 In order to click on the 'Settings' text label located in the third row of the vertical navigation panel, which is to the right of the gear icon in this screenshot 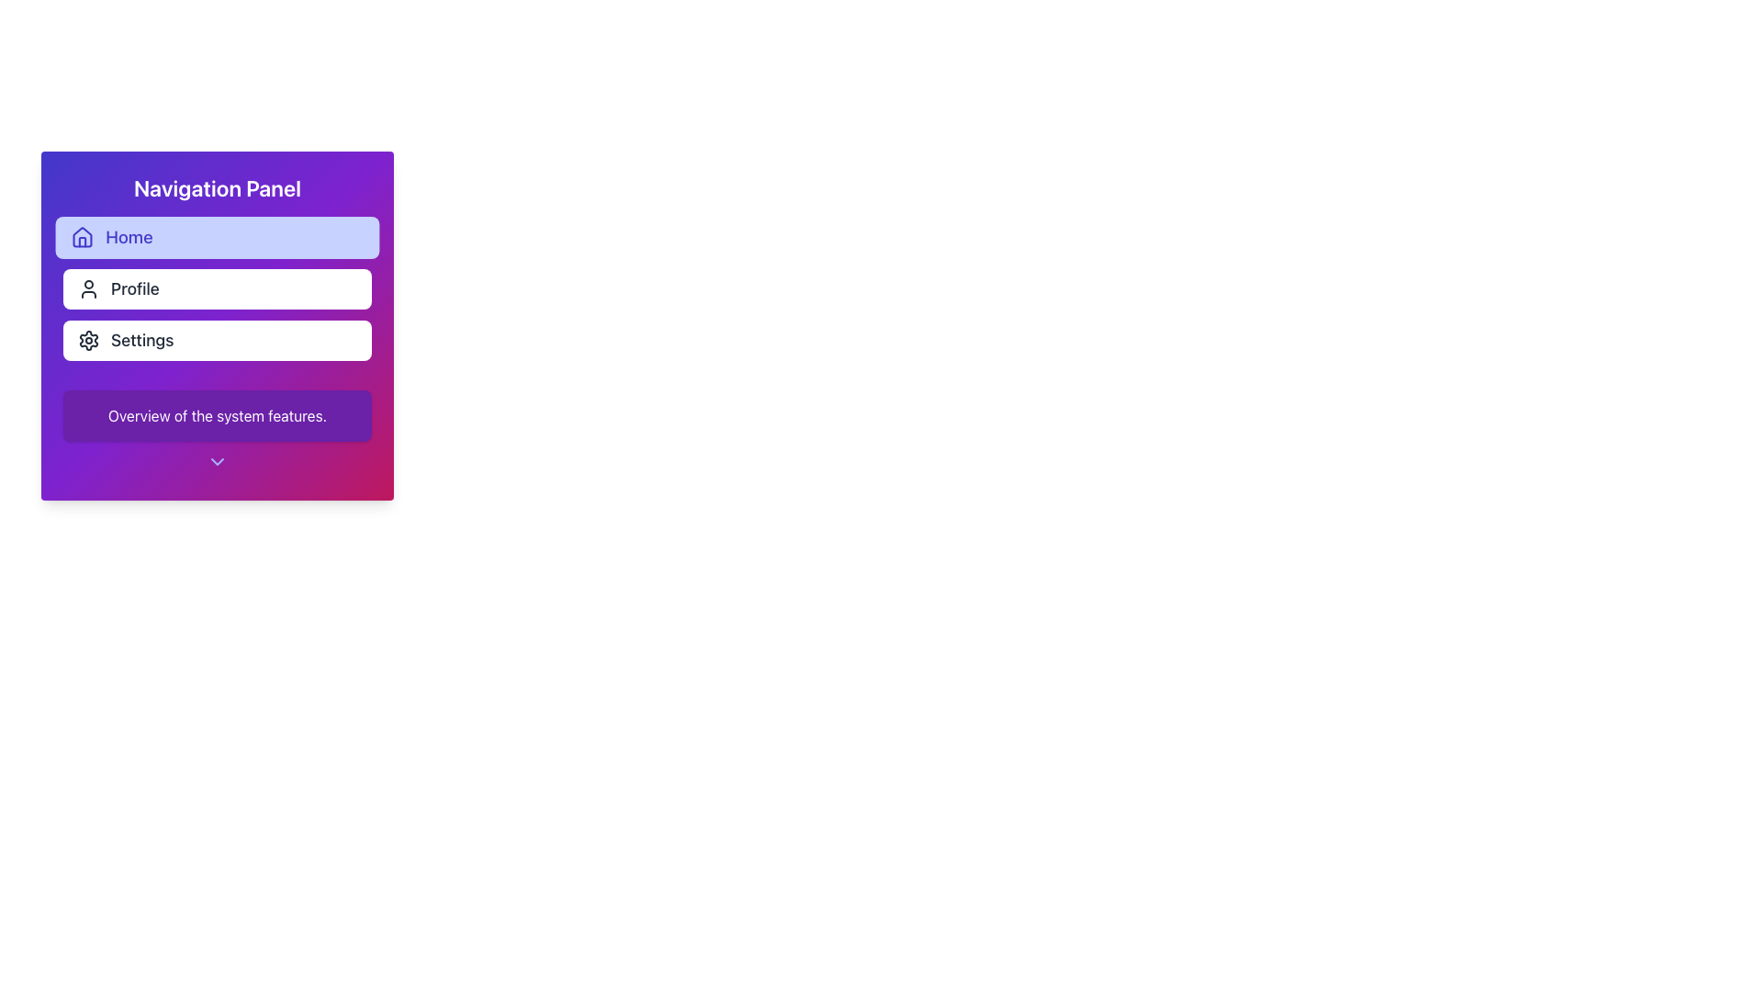, I will do `click(141, 340)`.